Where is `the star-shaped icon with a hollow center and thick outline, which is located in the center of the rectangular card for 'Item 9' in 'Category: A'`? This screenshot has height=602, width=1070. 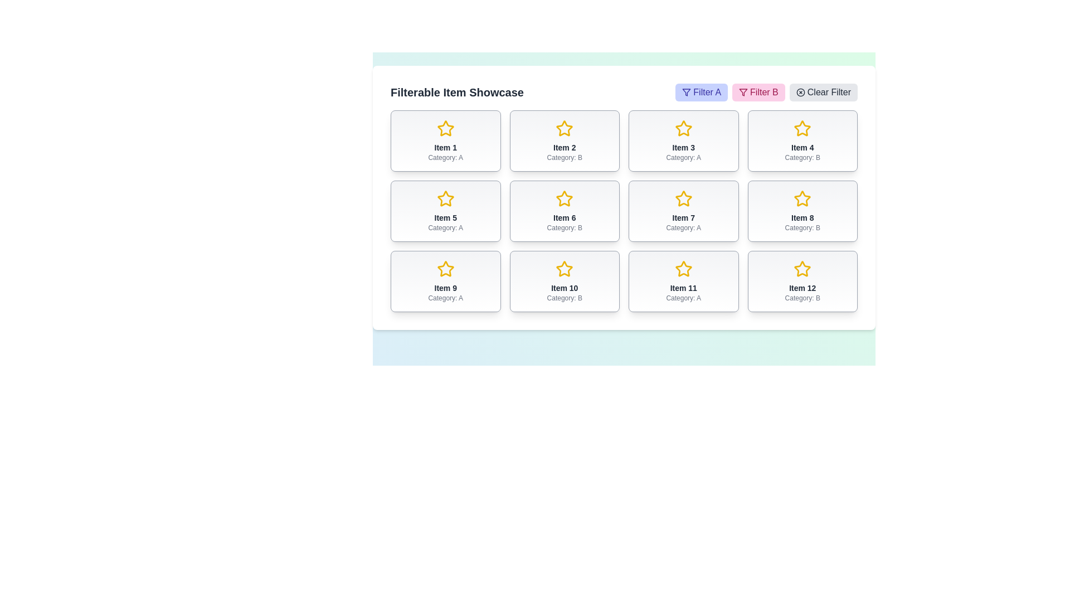 the star-shaped icon with a hollow center and thick outline, which is located in the center of the rectangular card for 'Item 9' in 'Category: A' is located at coordinates (445, 269).